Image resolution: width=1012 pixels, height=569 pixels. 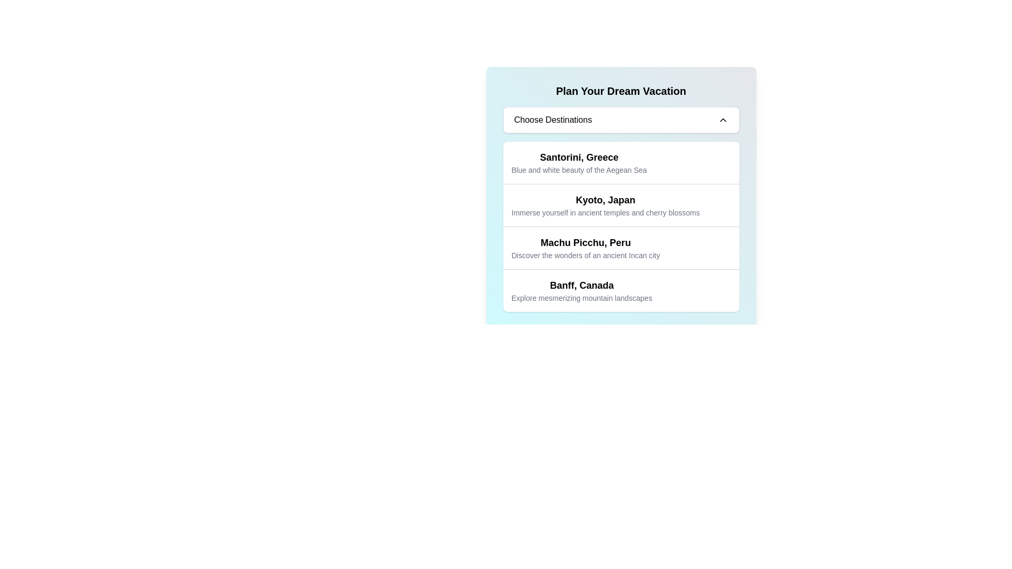 What do you see at coordinates (579, 170) in the screenshot?
I see `descriptive text label located beneath the bold title 'Santorini, Greece', which is part of the highlighted section at the top of the main list of destinations` at bounding box center [579, 170].